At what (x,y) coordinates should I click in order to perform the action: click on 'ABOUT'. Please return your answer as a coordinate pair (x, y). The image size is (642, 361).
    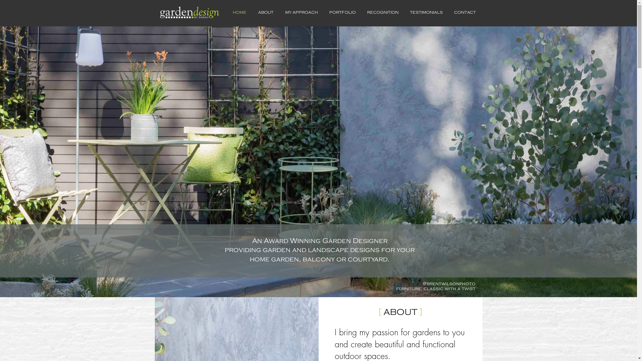
    Looking at the image, I should click on (265, 12).